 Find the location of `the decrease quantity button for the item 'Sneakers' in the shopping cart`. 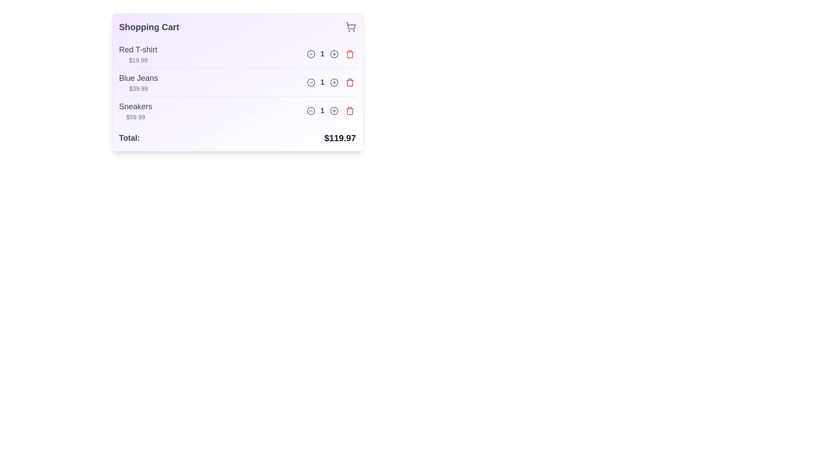

the decrease quantity button for the item 'Sneakers' in the shopping cart is located at coordinates (311, 111).